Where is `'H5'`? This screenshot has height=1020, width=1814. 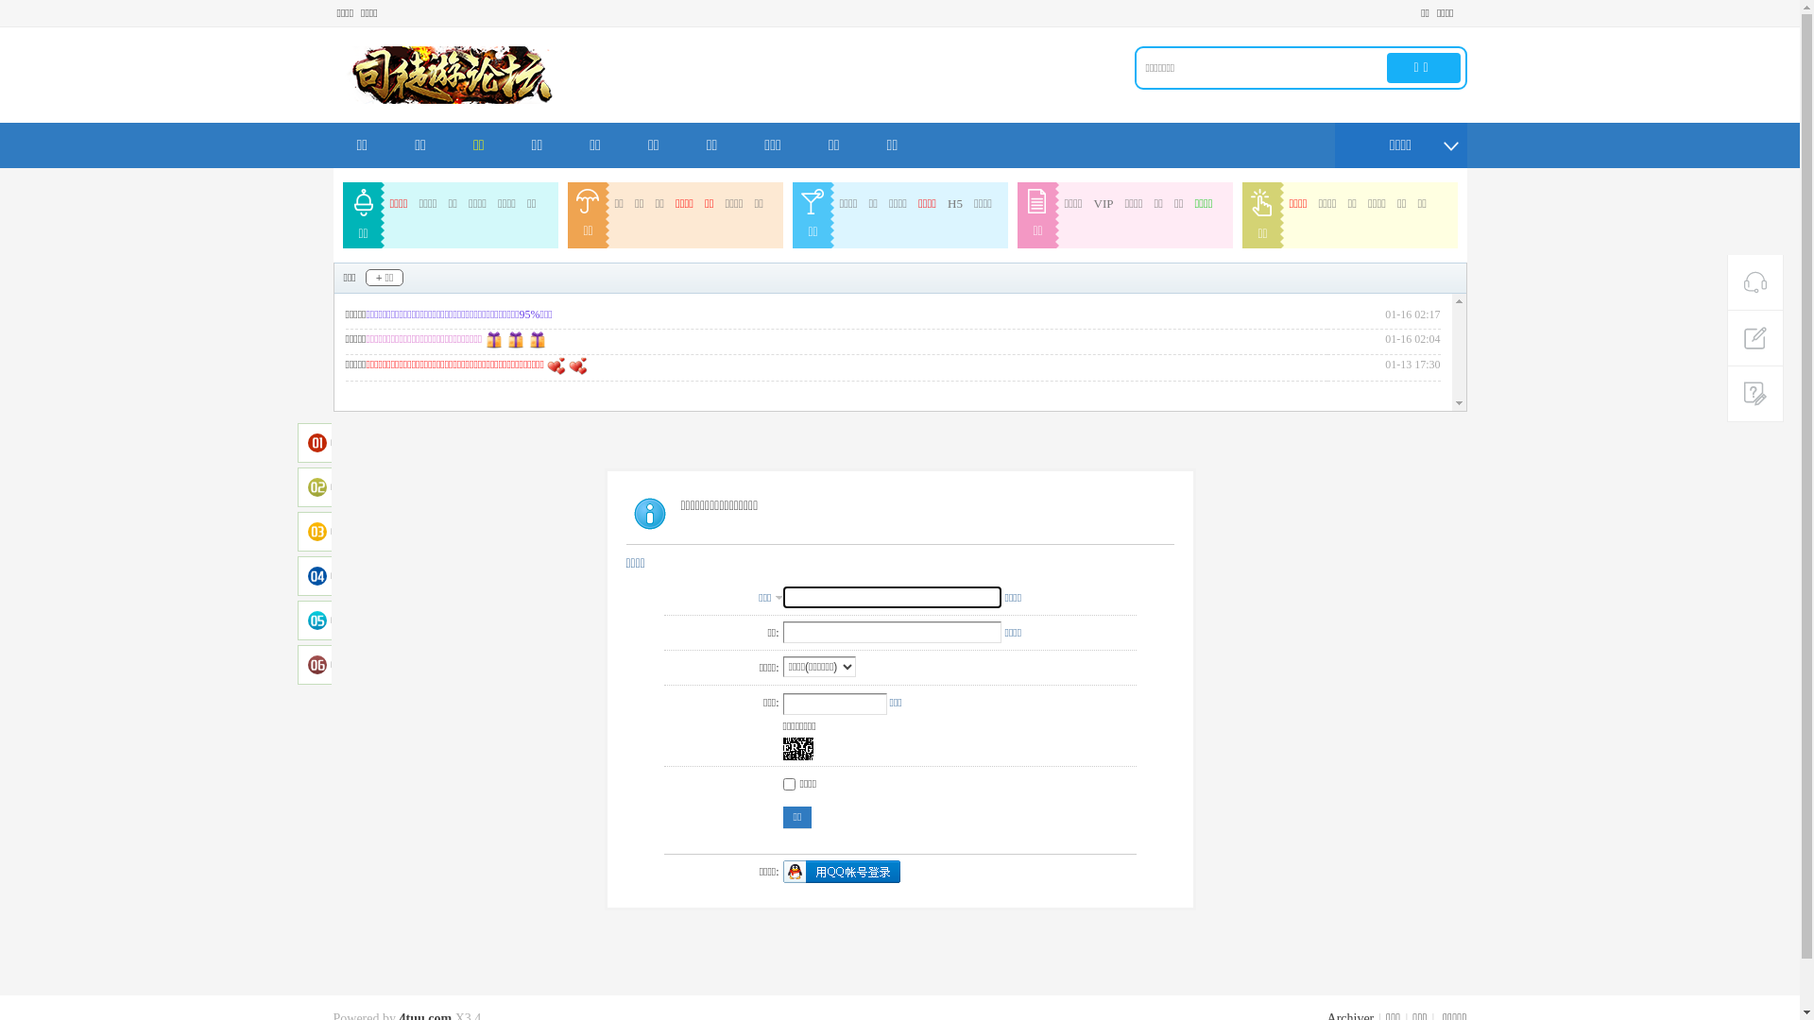 'H5' is located at coordinates (955, 203).